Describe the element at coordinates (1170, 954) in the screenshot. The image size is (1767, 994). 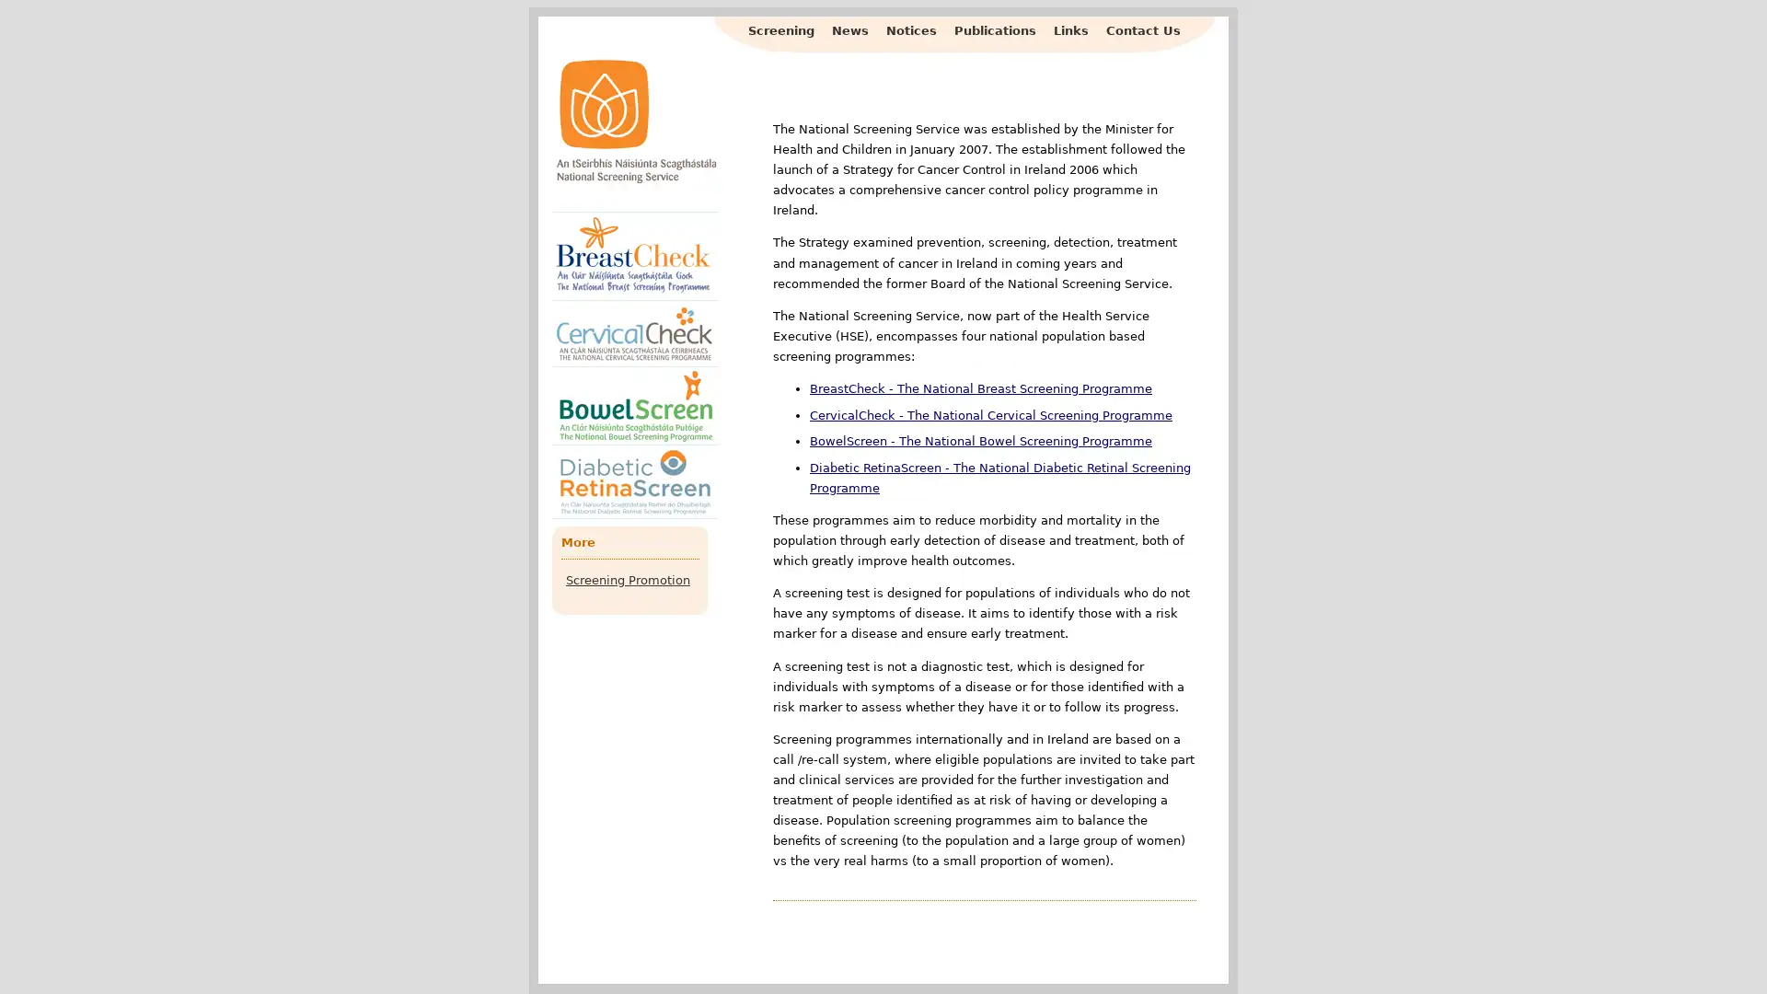
I see `Manage Cookies` at that location.